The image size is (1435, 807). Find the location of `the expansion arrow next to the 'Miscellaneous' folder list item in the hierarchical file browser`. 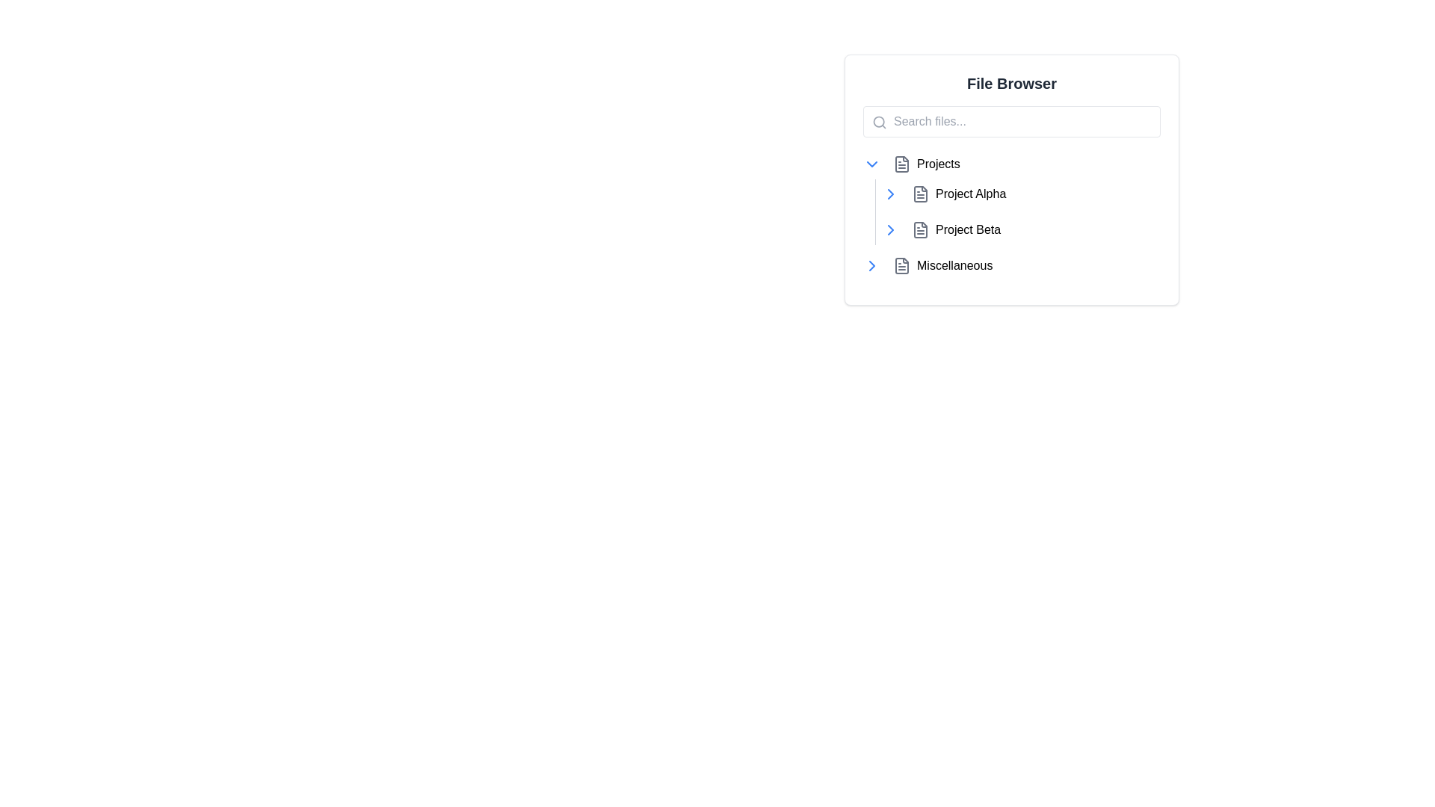

the expansion arrow next to the 'Miscellaneous' folder list item in the hierarchical file browser is located at coordinates (1011, 265).